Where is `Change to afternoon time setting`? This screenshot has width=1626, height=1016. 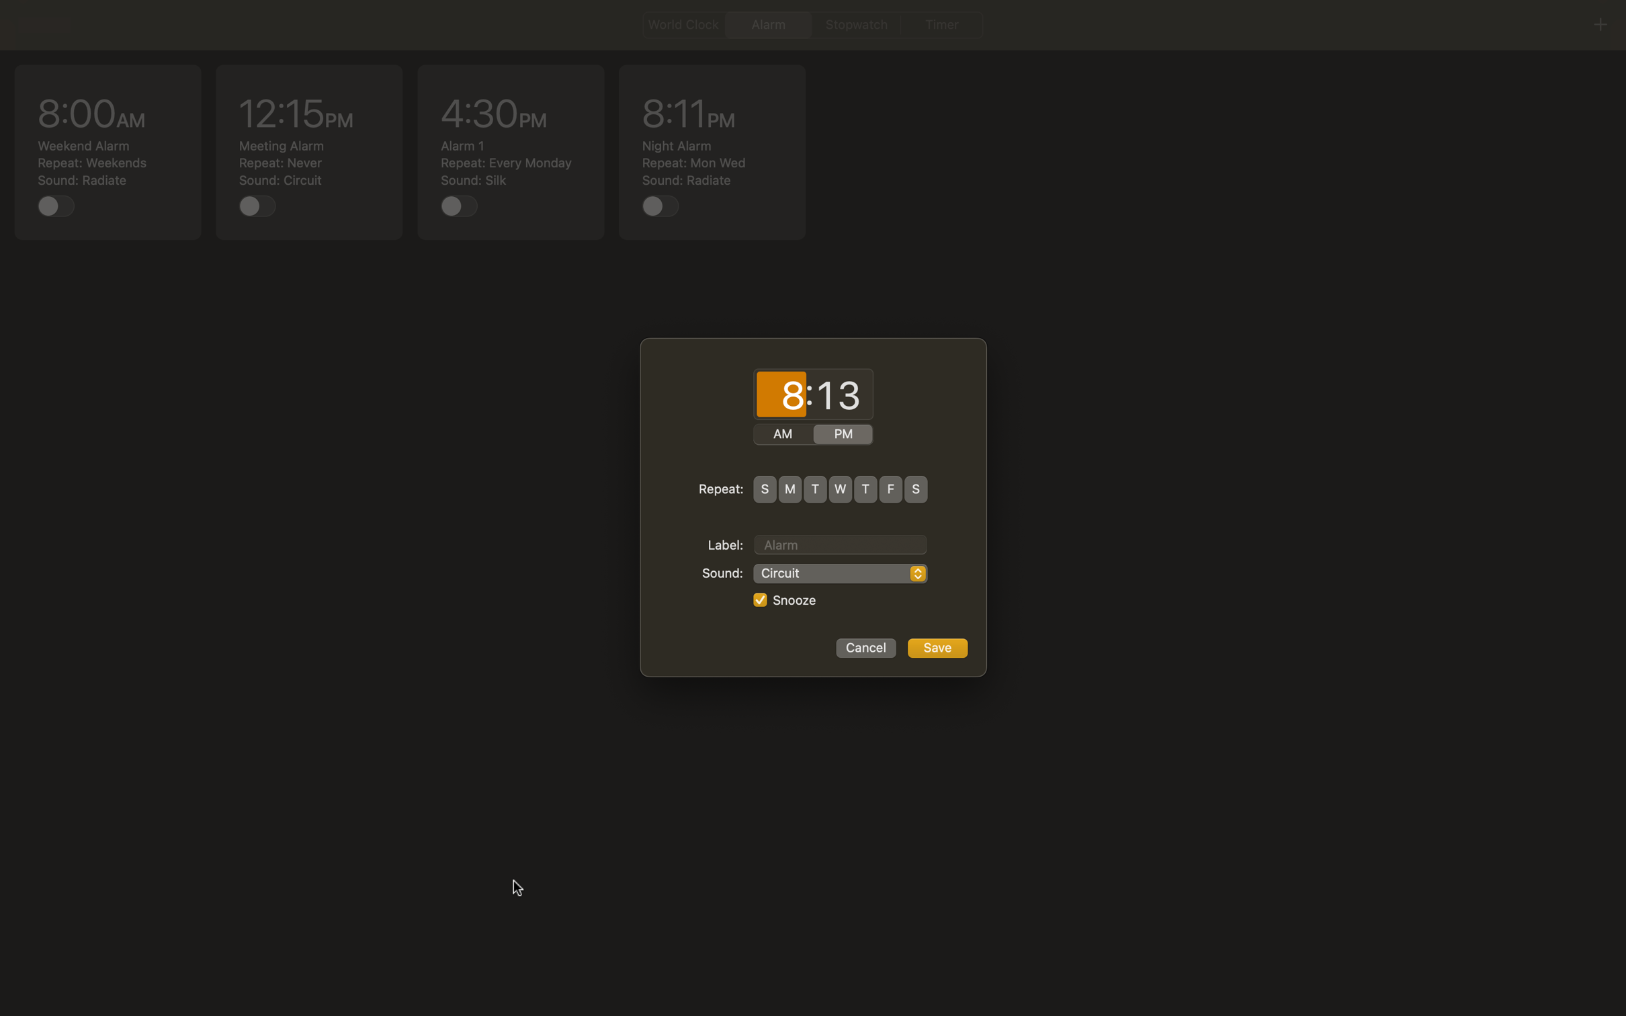
Change to afternoon time setting is located at coordinates (843, 435).